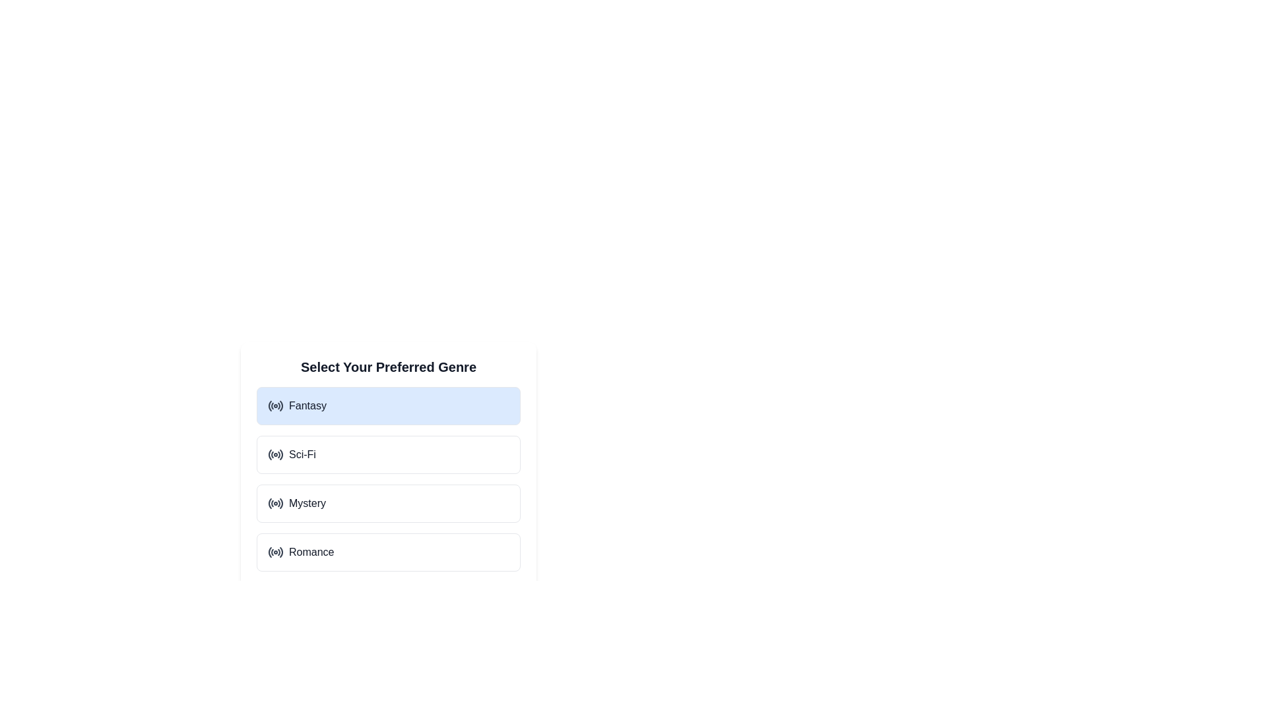  Describe the element at coordinates (269, 552) in the screenshot. I see `the outermost curved line of the radio button icon representing the 'Romance' option` at that location.